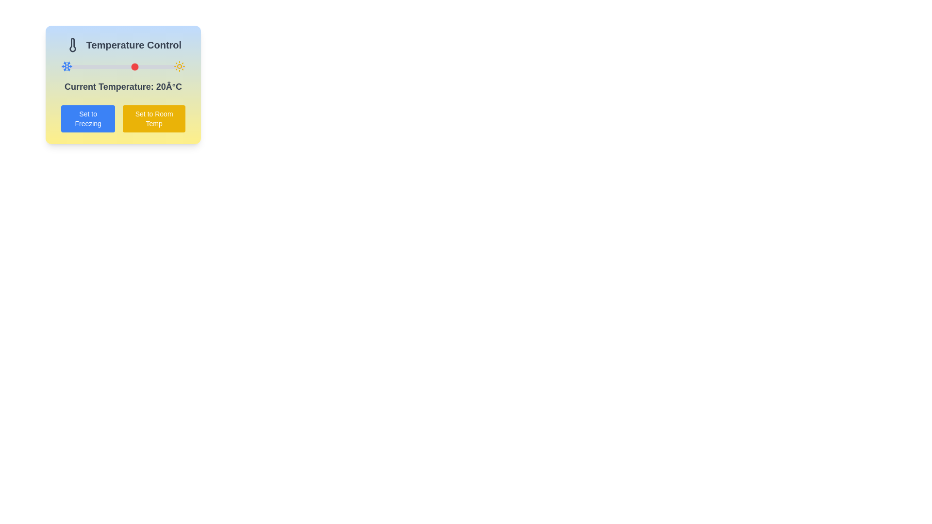 The width and height of the screenshot is (932, 524). I want to click on the textual display that reads 'Current Temperature: 20Â°C', which is located centrally within the 'Temperature Control' card, just below the slider and above the buttons, so click(123, 86).